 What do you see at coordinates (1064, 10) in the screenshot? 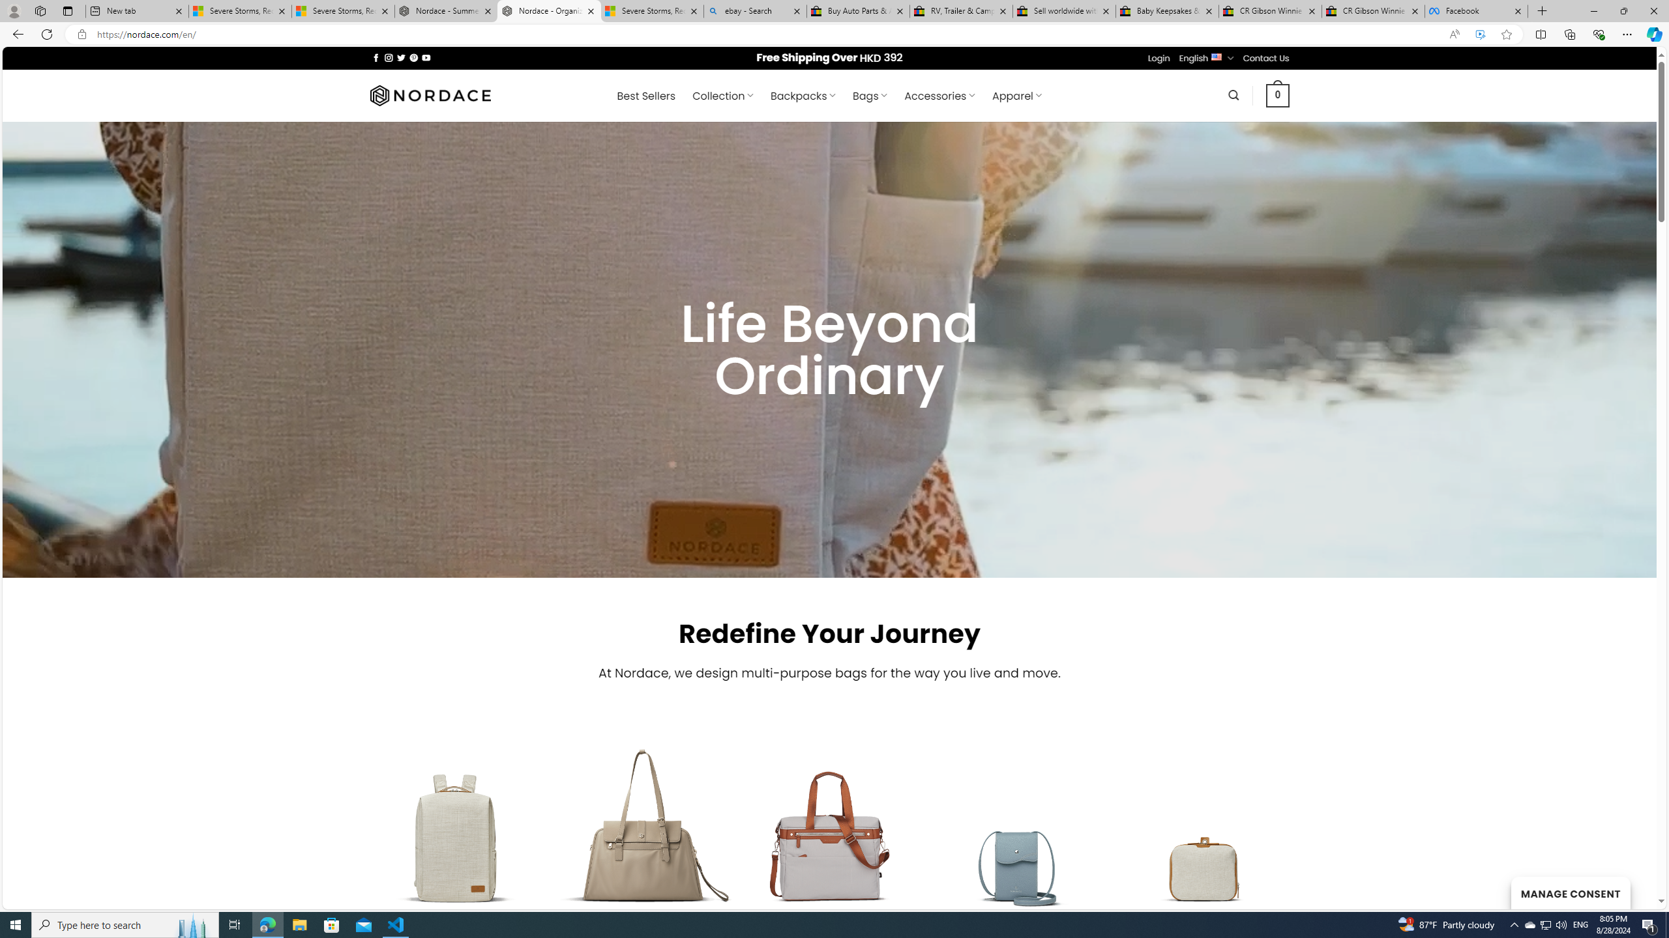
I see `'Sell worldwide with eBay'` at bounding box center [1064, 10].